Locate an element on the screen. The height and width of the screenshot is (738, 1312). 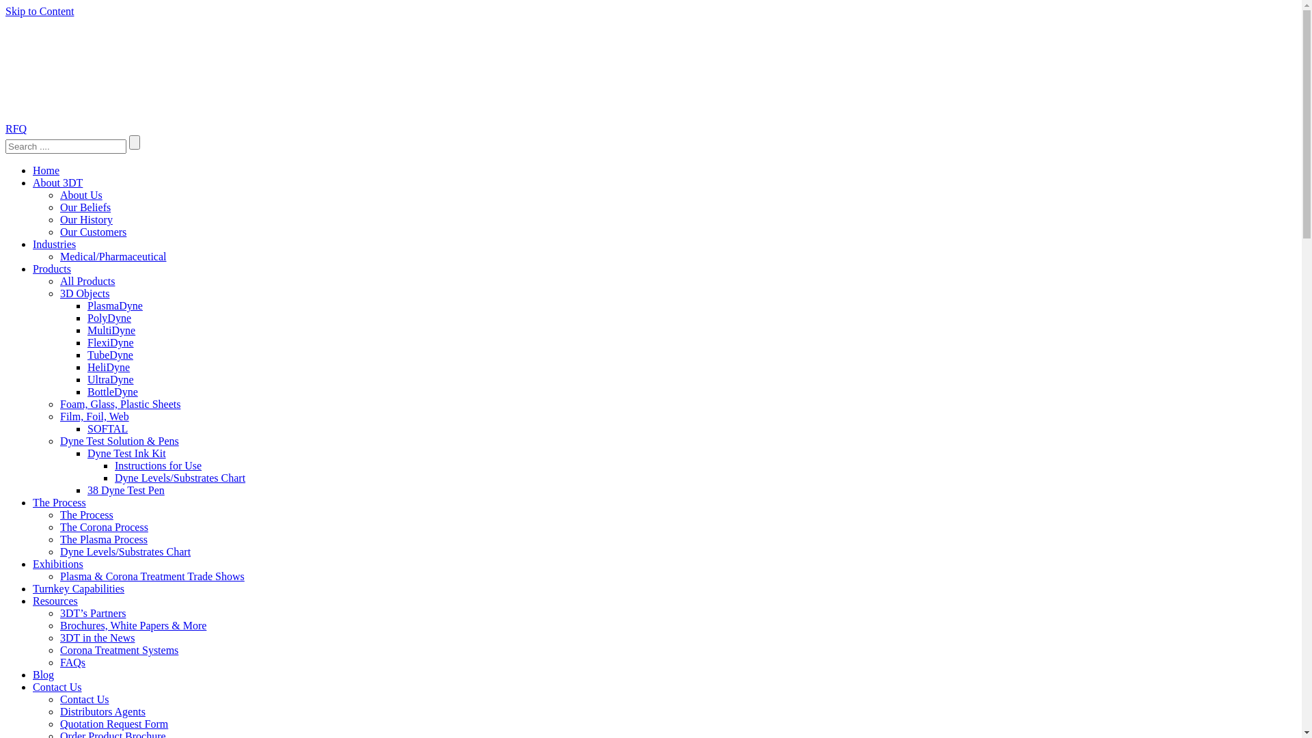
'TubeDyne' is located at coordinates (110, 354).